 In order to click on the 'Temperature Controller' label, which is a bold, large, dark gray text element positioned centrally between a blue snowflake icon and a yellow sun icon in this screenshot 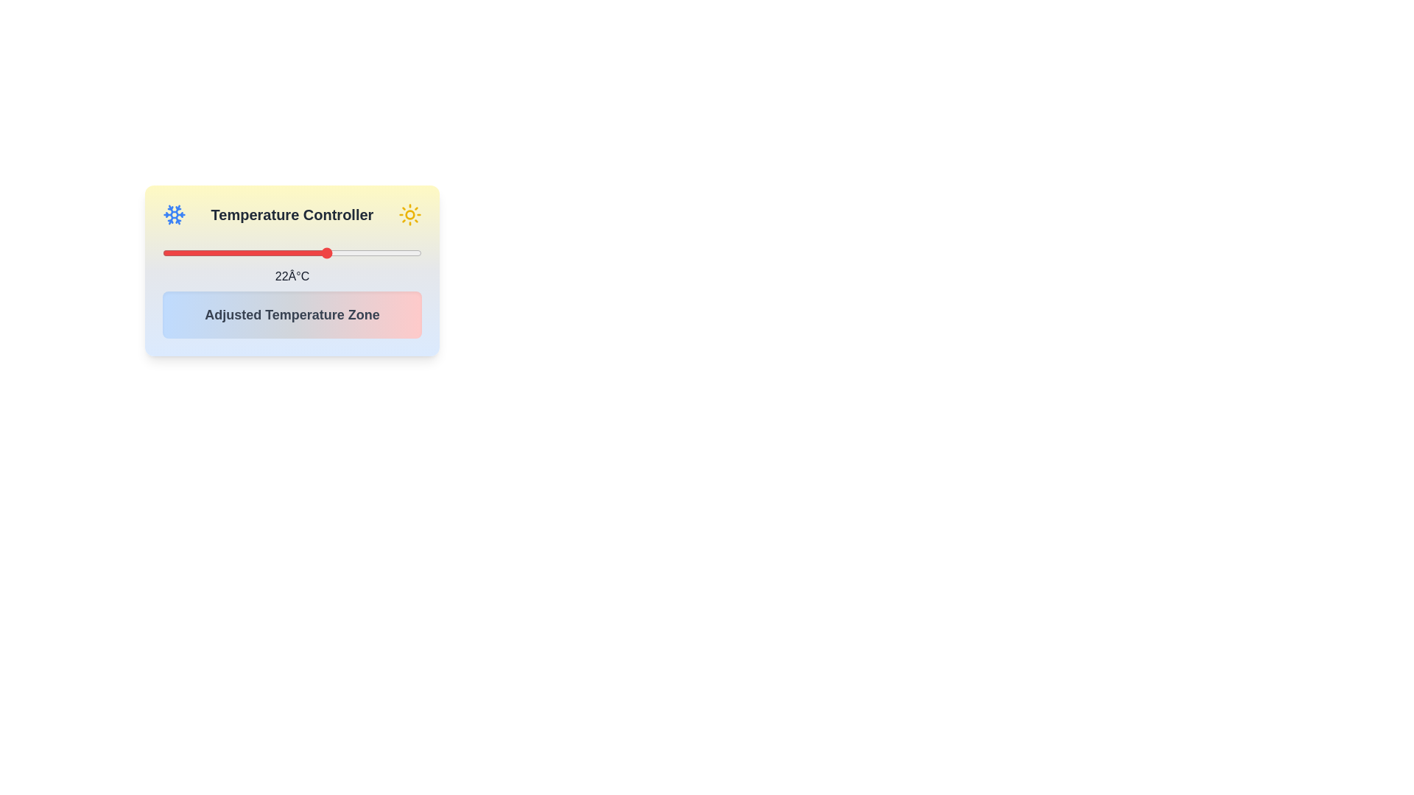, I will do `click(292, 215)`.